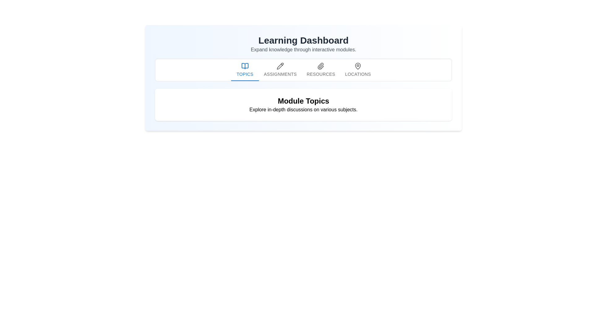 Image resolution: width=594 pixels, height=334 pixels. I want to click on the Text block that contains the title 'Module Topics' and the description 'Explore in-depth discussions on various subjects.', so click(303, 105).